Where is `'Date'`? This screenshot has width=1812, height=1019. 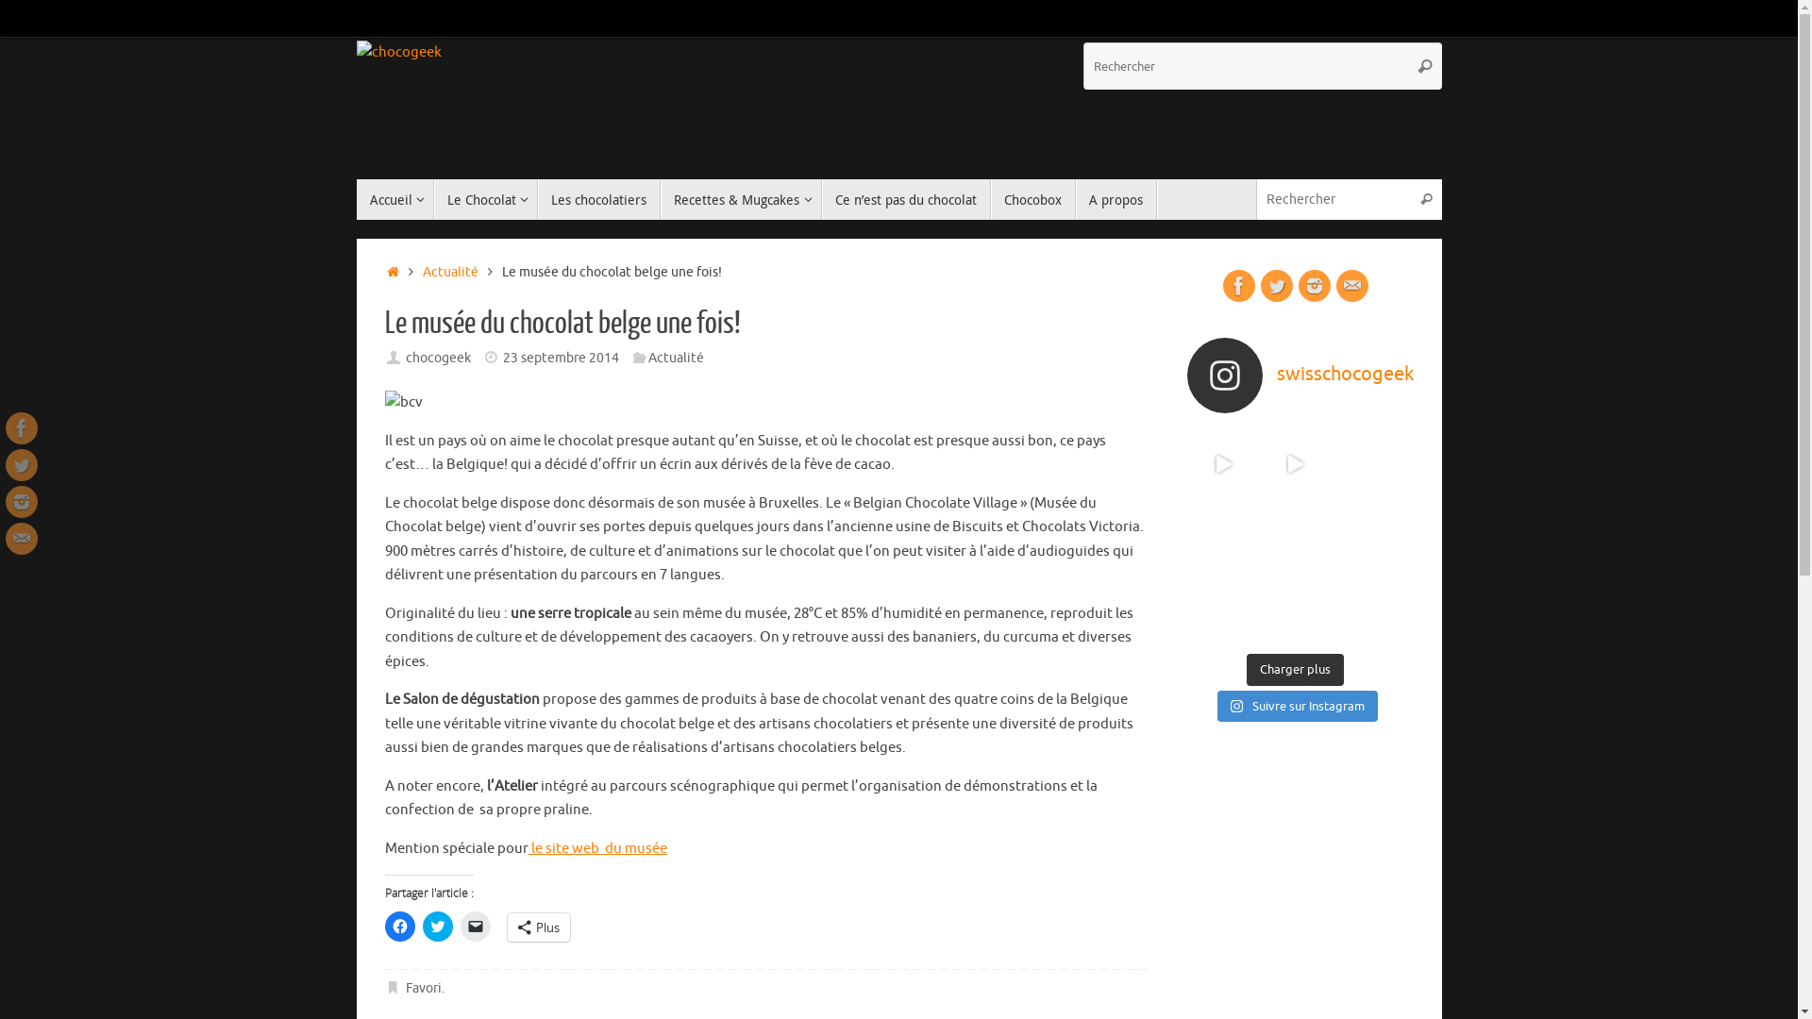 'Date' is located at coordinates (491, 357).